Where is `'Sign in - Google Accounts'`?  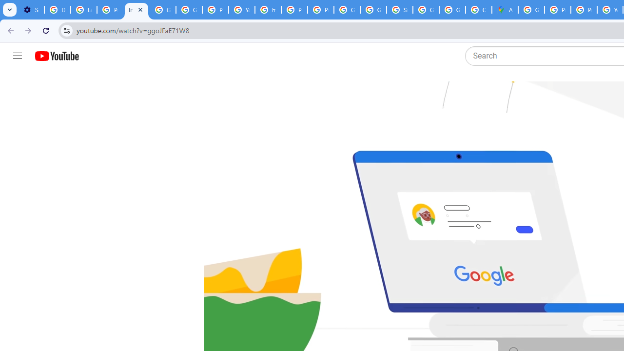 'Sign in - Google Accounts' is located at coordinates (399, 10).